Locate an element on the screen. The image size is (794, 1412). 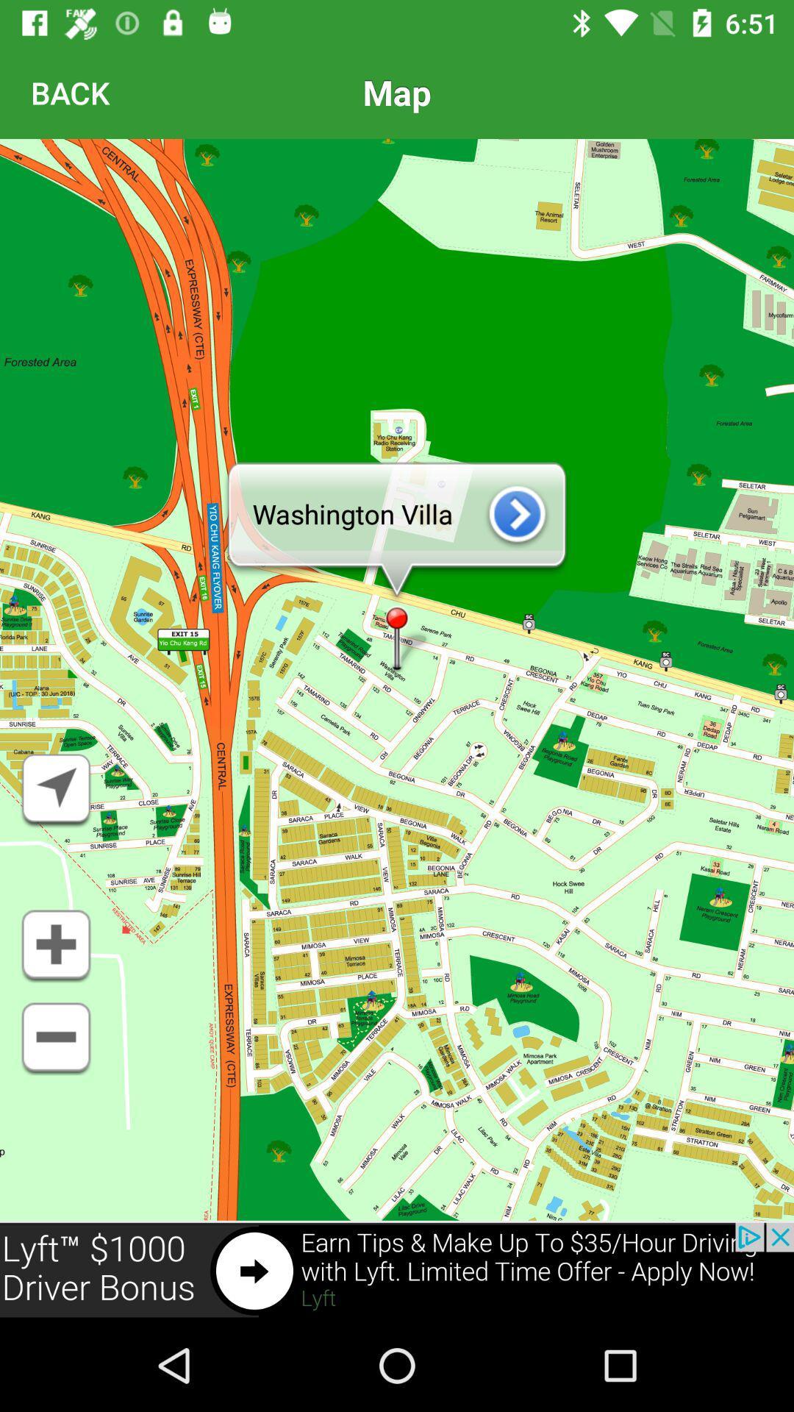
advertisement is located at coordinates (397, 1270).